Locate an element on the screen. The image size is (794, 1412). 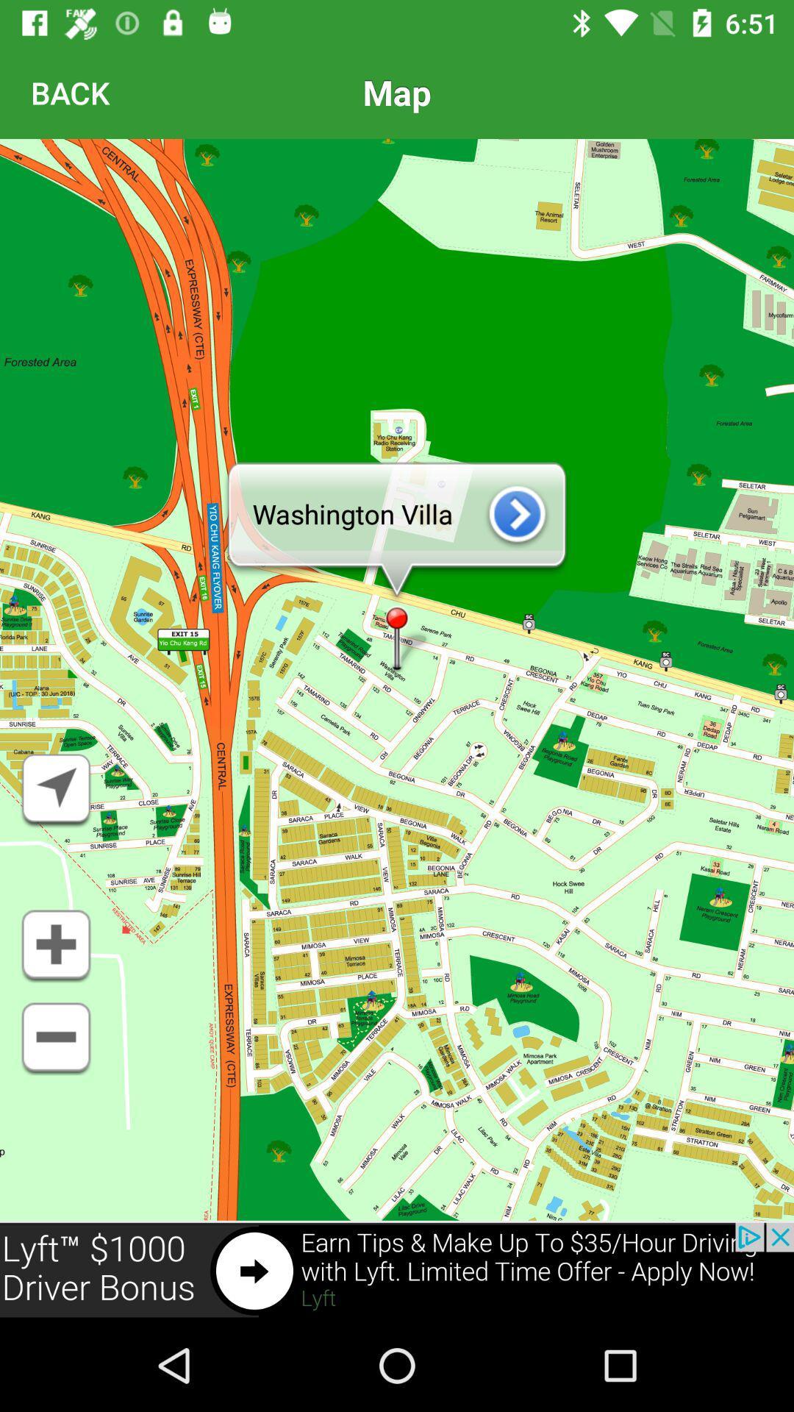
advertisement is located at coordinates (397, 1270).